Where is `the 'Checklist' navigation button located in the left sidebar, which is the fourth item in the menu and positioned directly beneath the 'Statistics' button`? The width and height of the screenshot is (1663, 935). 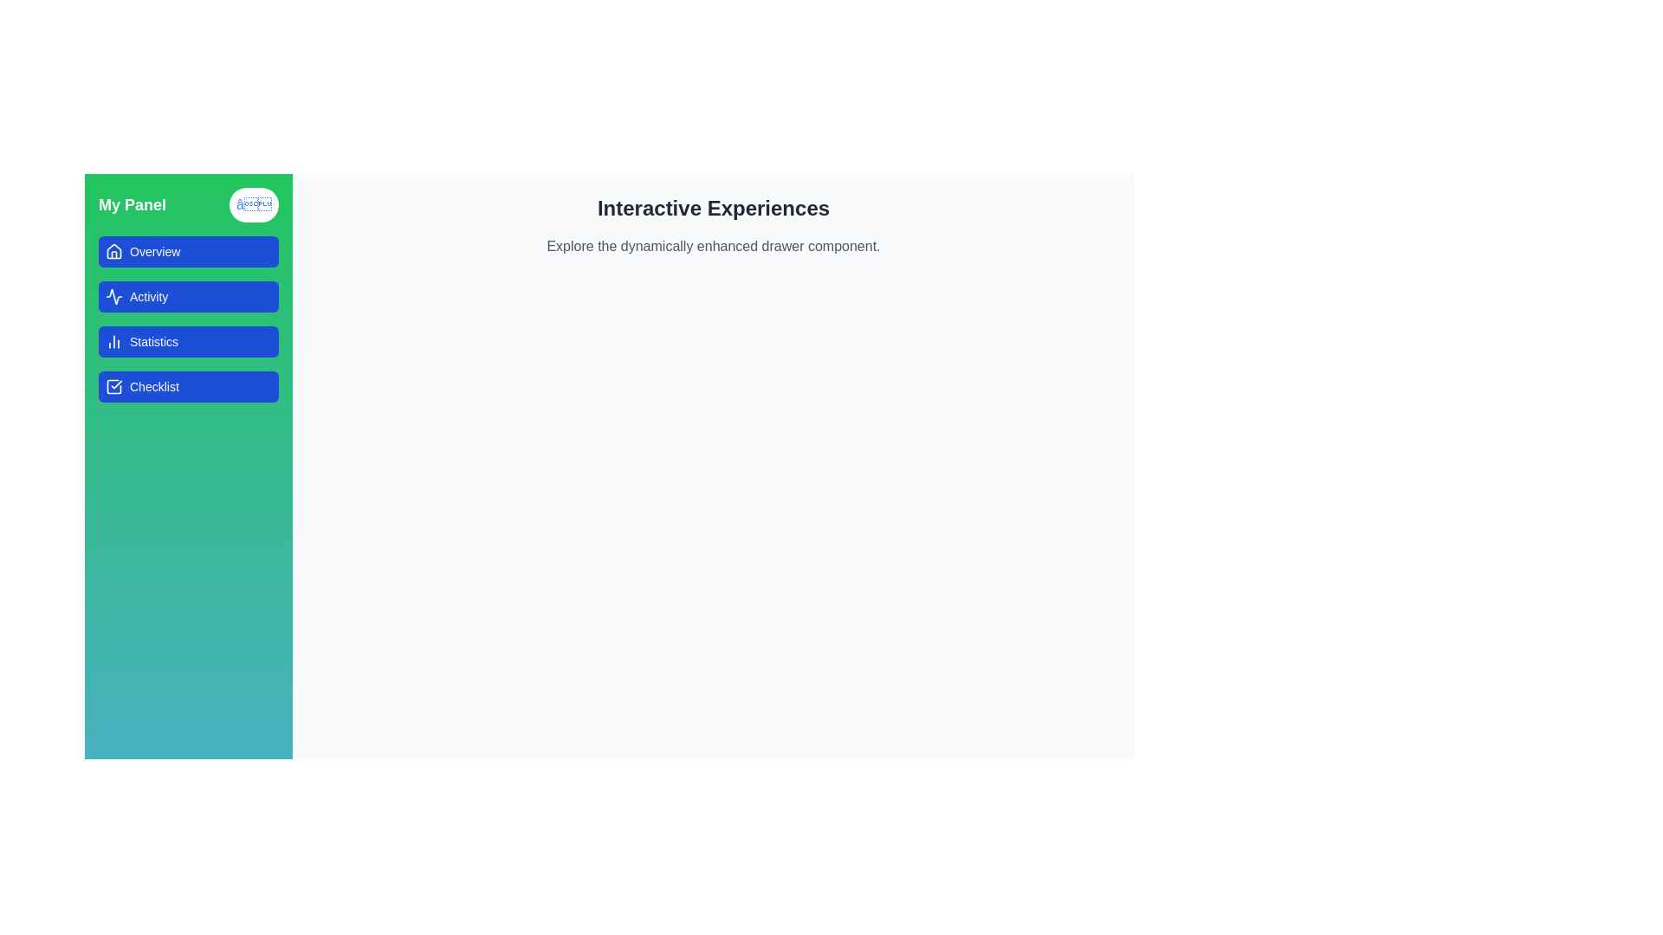 the 'Checklist' navigation button located in the left sidebar, which is the fourth item in the menu and positioned directly beneath the 'Statistics' button is located at coordinates (188, 386).